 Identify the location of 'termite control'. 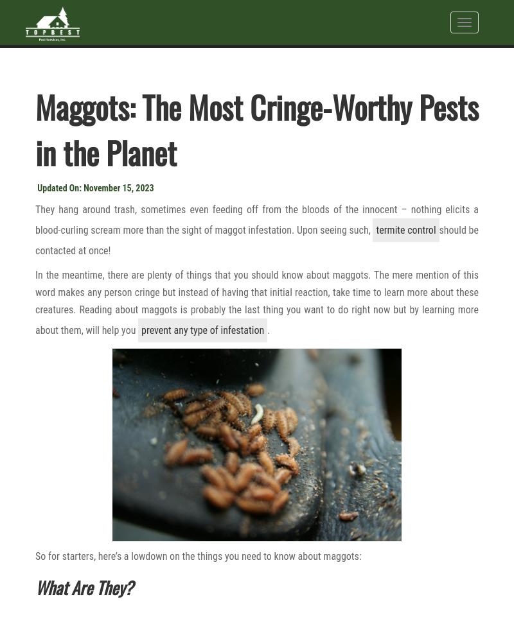
(405, 229).